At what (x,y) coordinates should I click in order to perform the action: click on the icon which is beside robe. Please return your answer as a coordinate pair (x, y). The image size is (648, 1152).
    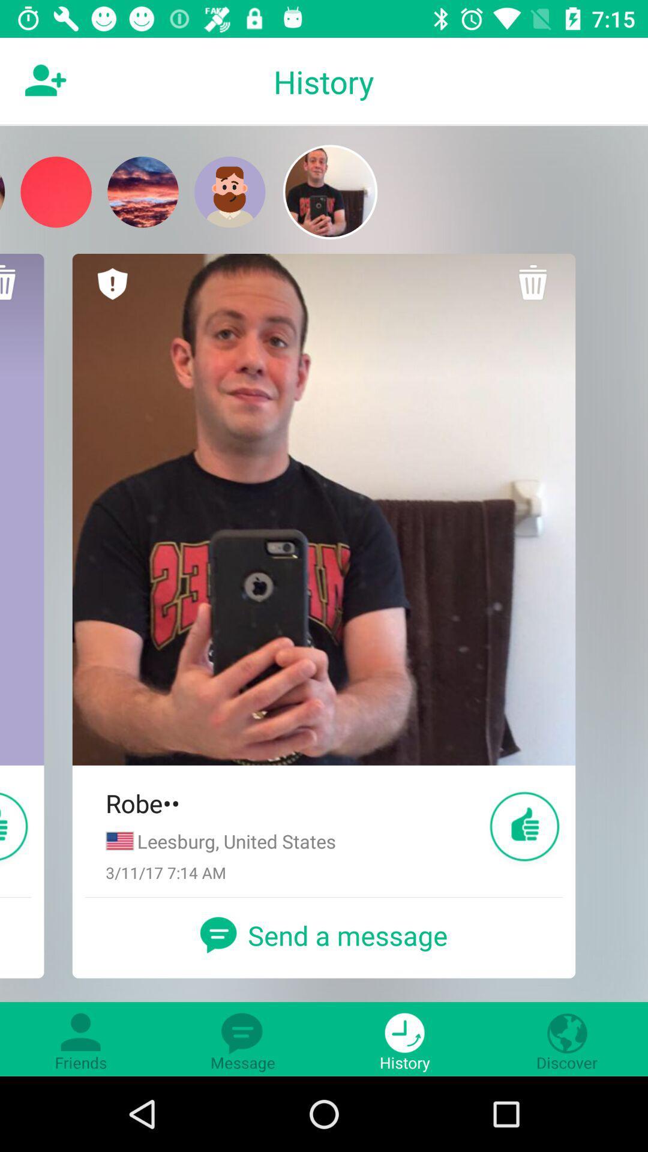
    Looking at the image, I should click on (524, 826).